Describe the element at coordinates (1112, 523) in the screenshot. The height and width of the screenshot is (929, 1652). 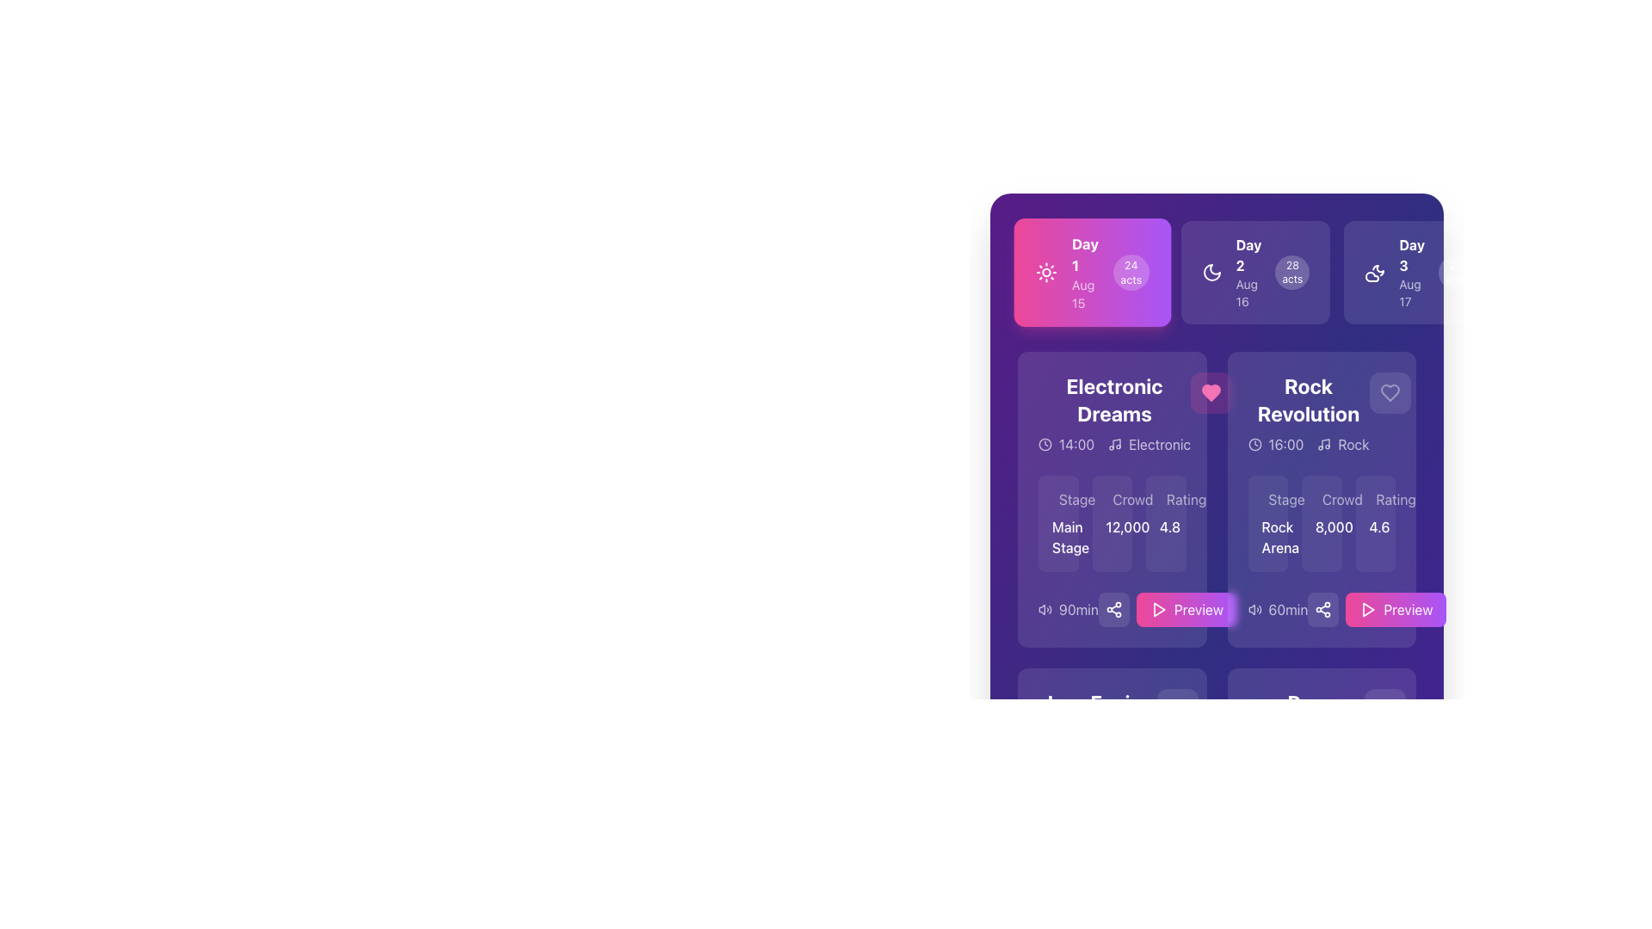
I see `text of the Informational grid row containing 'Stage', 'Crowd', and 'Rating' values, which includes 'Main Stage', '12,000', and '4.8'` at that location.